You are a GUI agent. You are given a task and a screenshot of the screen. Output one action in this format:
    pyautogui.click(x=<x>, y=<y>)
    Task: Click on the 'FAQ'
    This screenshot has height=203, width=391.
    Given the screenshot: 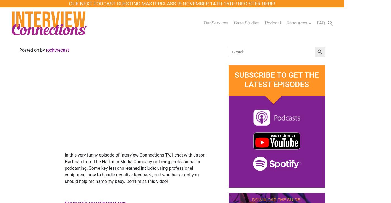 What is the action you would take?
    pyautogui.click(x=317, y=23)
    